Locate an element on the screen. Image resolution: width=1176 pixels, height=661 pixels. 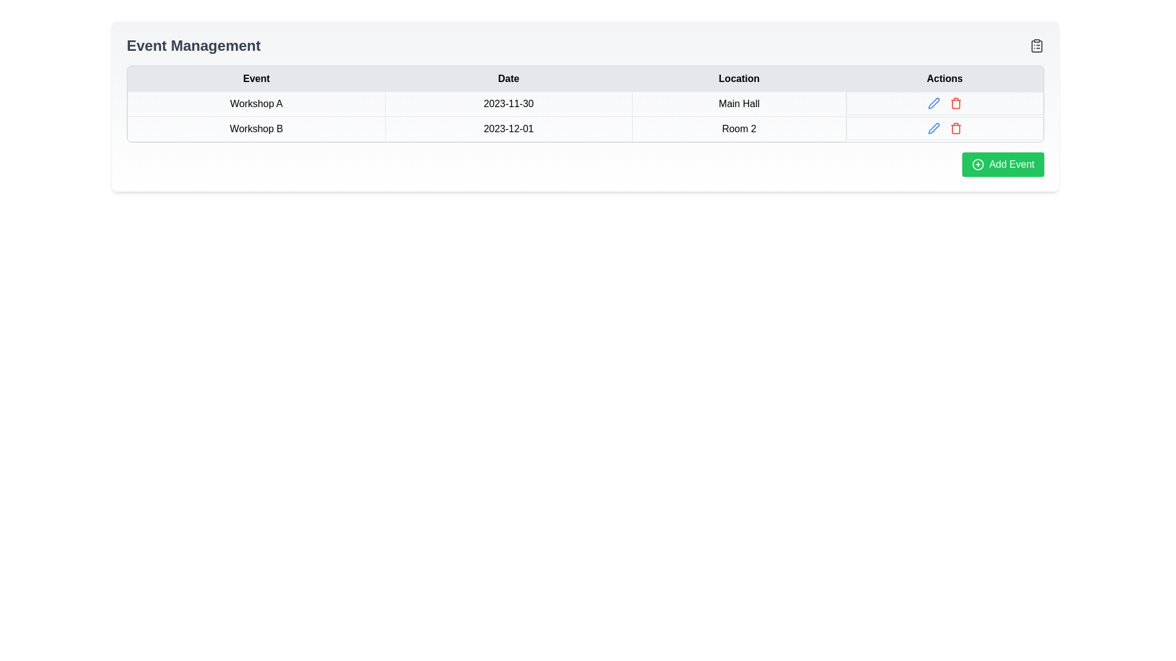
the decorative SVG graphic component located to the left of the 'Add Event' button at the bottom right corner of the interface is located at coordinates (978, 164).